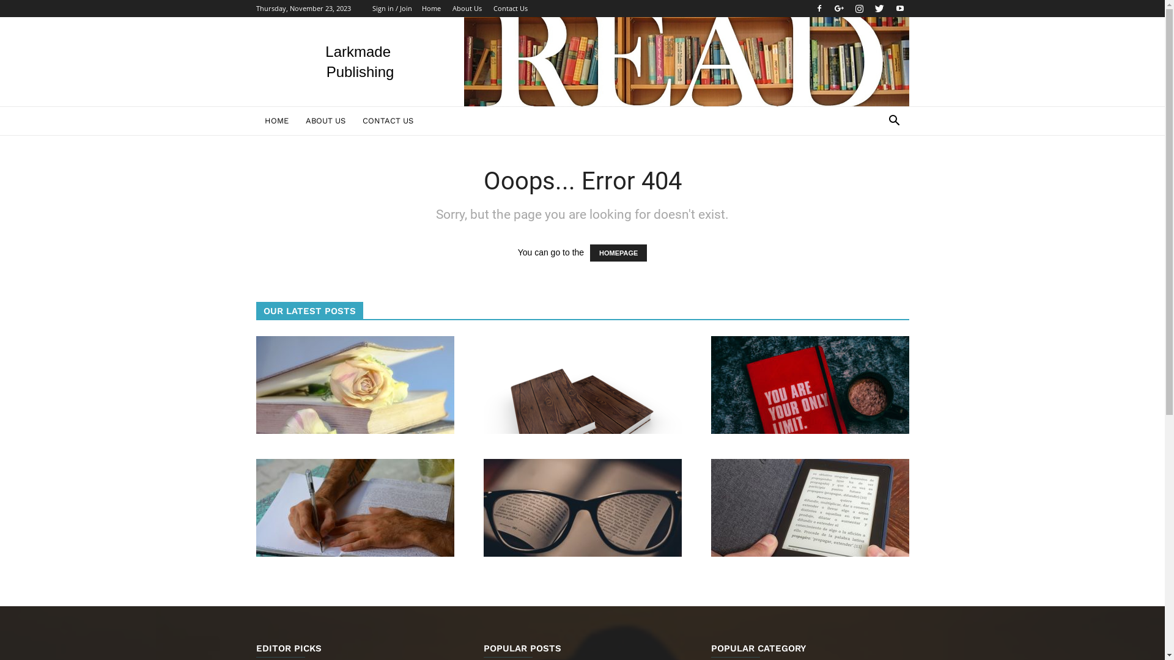 The image size is (1174, 660). I want to click on 'CONTACT US', so click(352, 120).